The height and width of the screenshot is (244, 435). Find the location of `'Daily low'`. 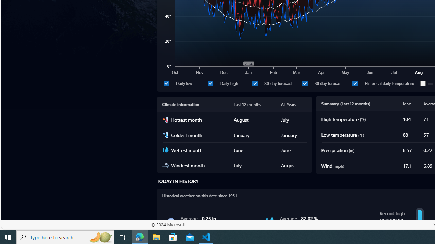

'Daily low' is located at coordinates (184, 83).